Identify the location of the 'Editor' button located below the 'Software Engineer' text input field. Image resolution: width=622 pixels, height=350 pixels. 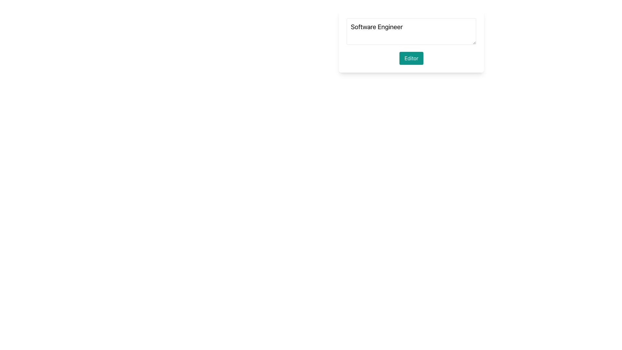
(411, 58).